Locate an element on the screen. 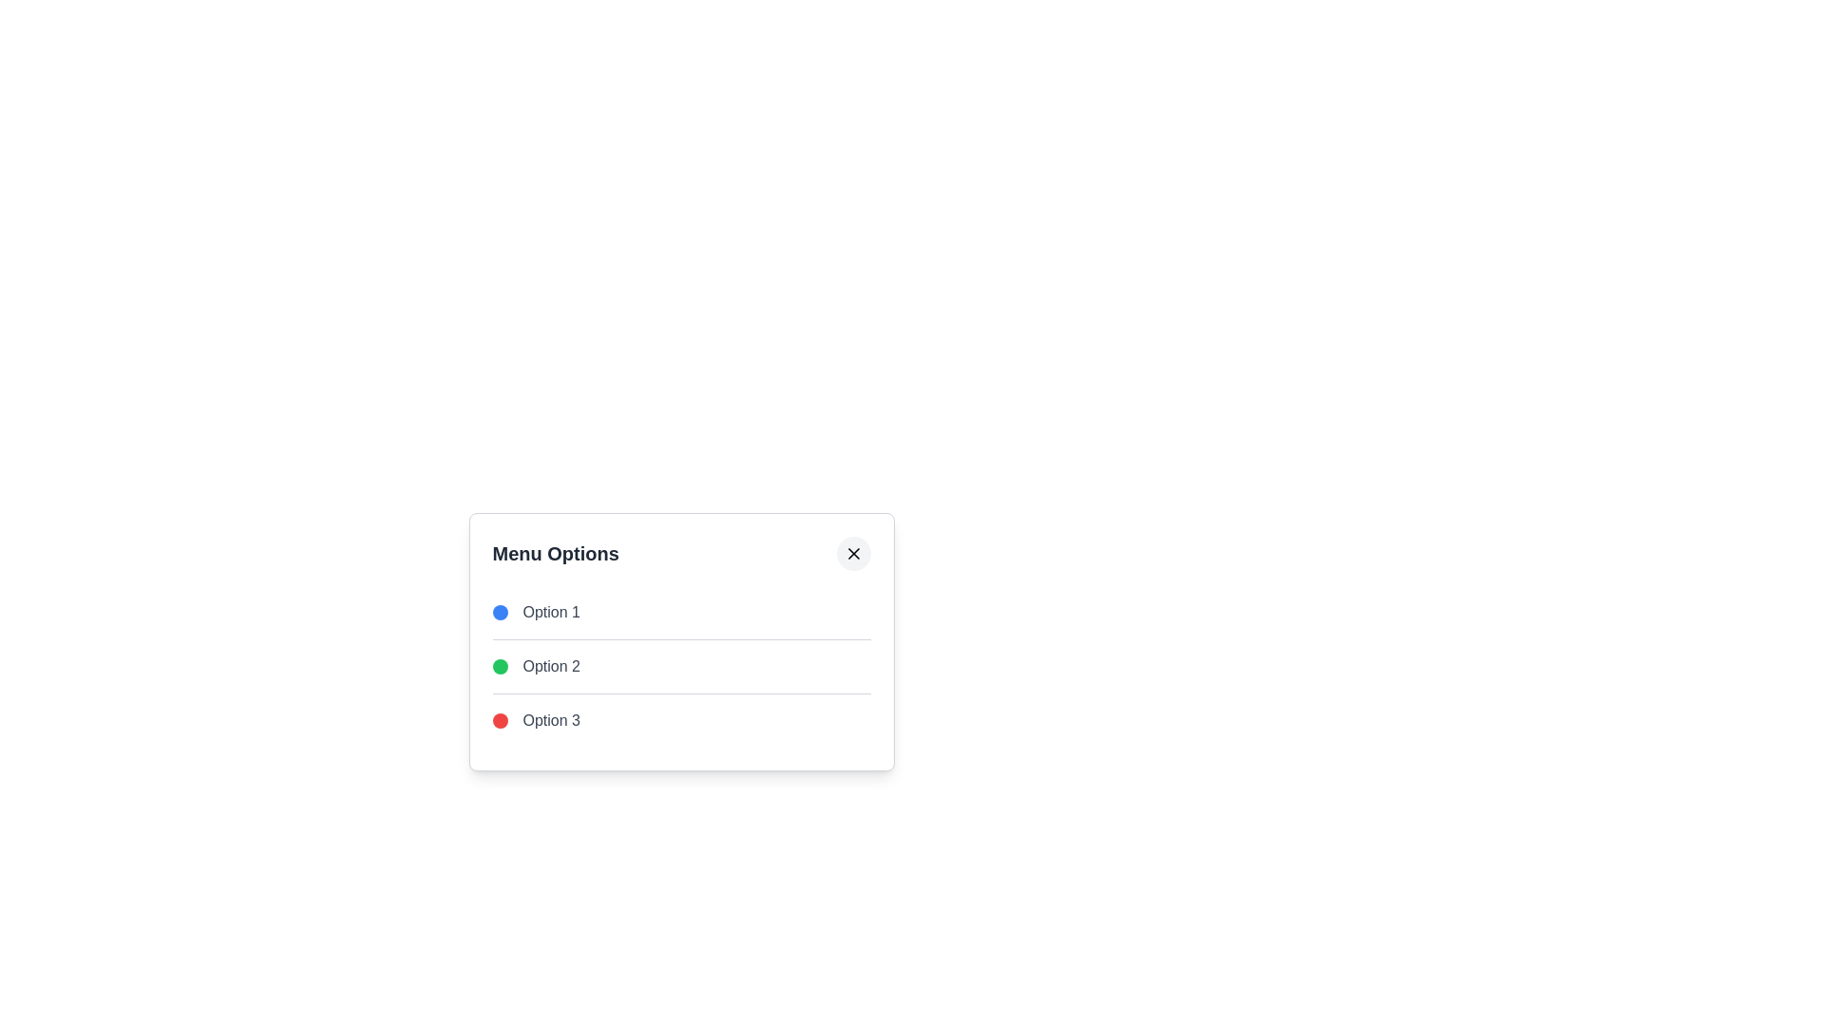 The height and width of the screenshot is (1026, 1824). the text label for the second selectable option in the vertical menu located in the middle of the modal is located at coordinates (550, 666).